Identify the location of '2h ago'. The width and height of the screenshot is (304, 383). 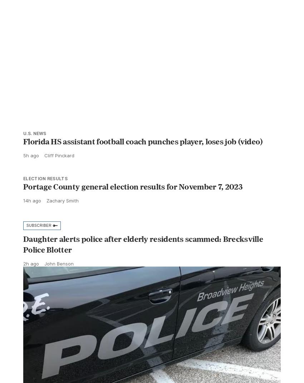
(31, 279).